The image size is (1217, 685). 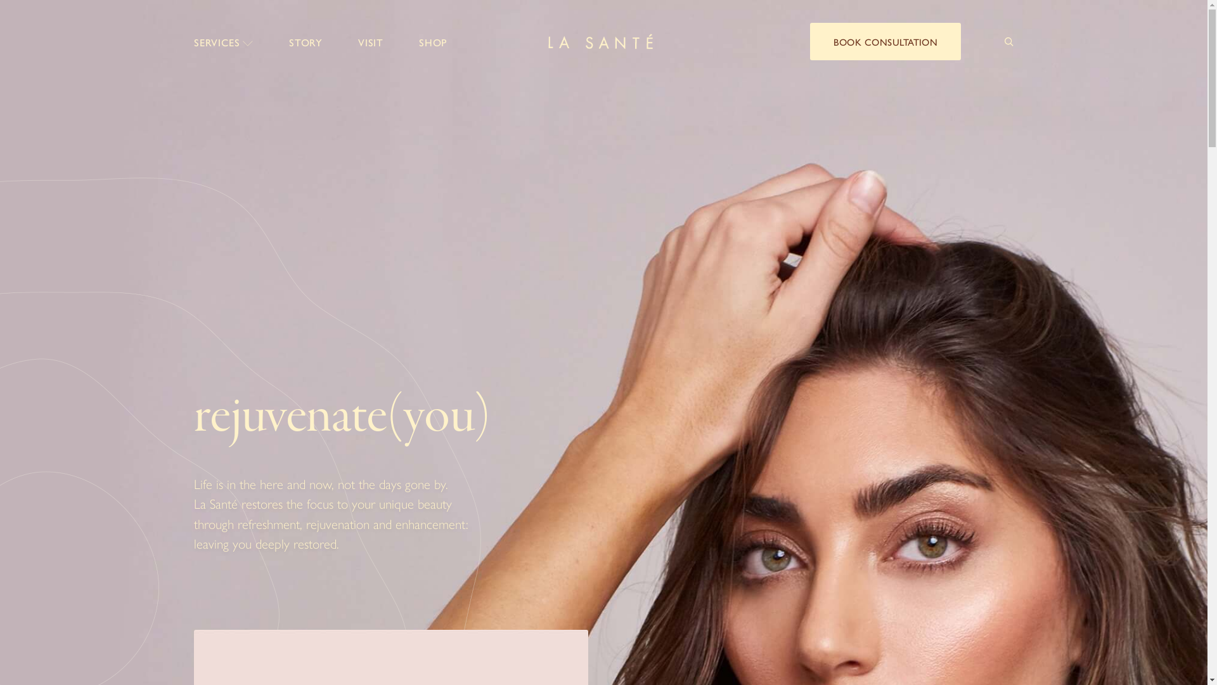 I want to click on 'BOOK CONSULTATION', so click(x=884, y=41).